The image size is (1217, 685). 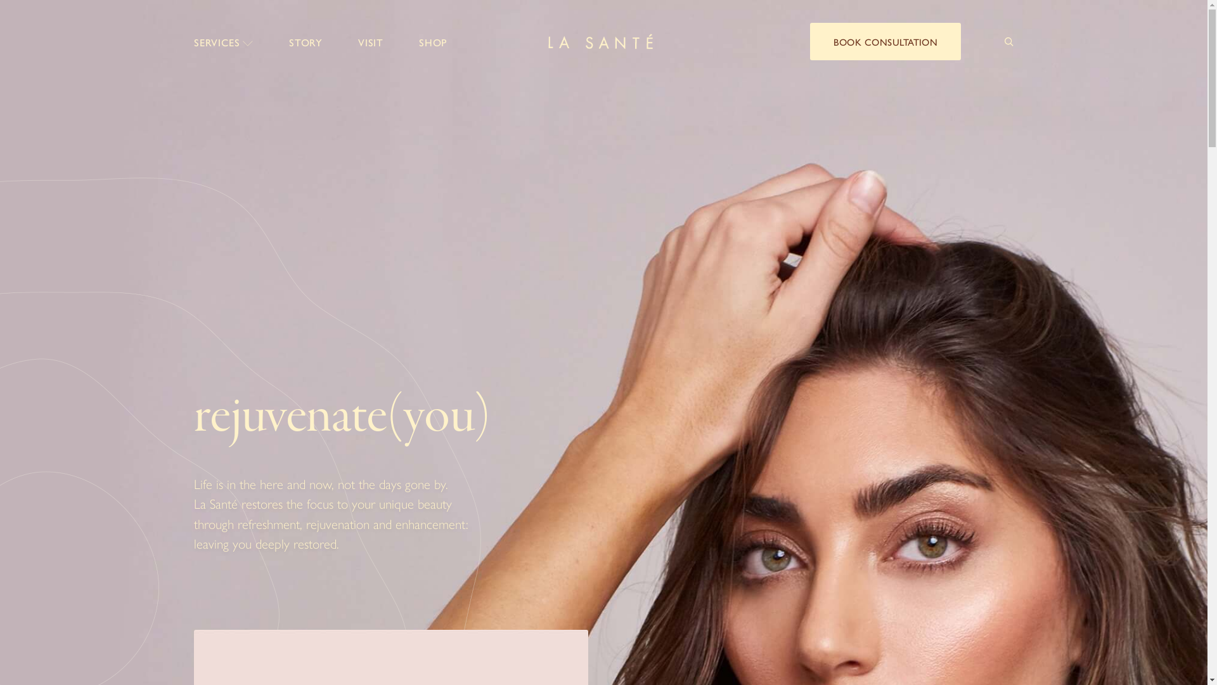 I want to click on 'BOOK CONSULTATION', so click(x=884, y=41).